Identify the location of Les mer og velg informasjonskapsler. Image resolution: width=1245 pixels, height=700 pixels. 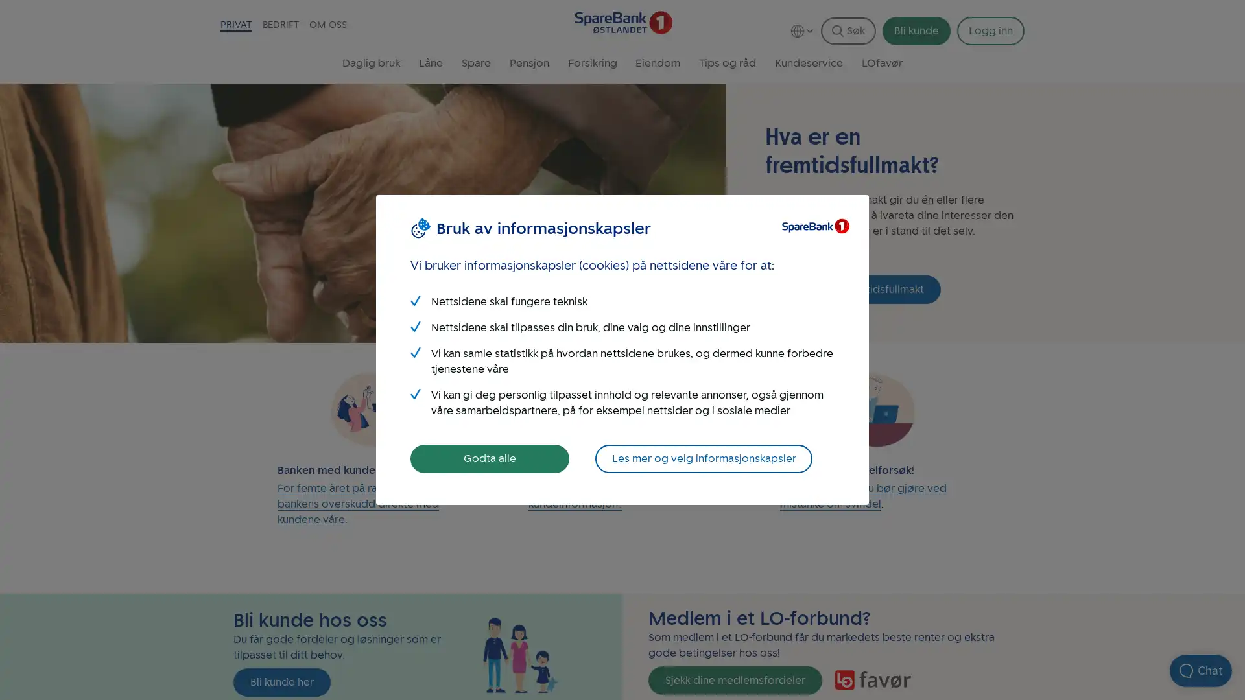
(703, 458).